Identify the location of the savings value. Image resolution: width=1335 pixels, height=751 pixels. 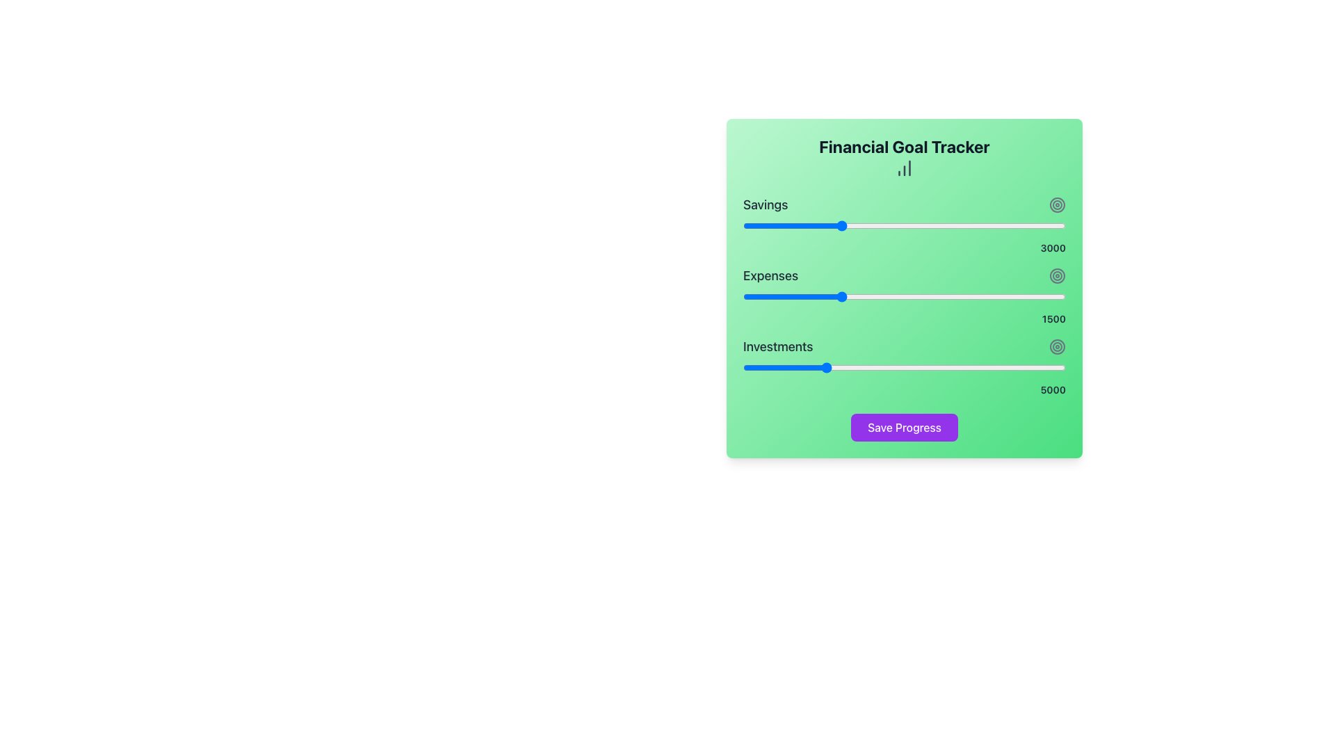
(1052, 225).